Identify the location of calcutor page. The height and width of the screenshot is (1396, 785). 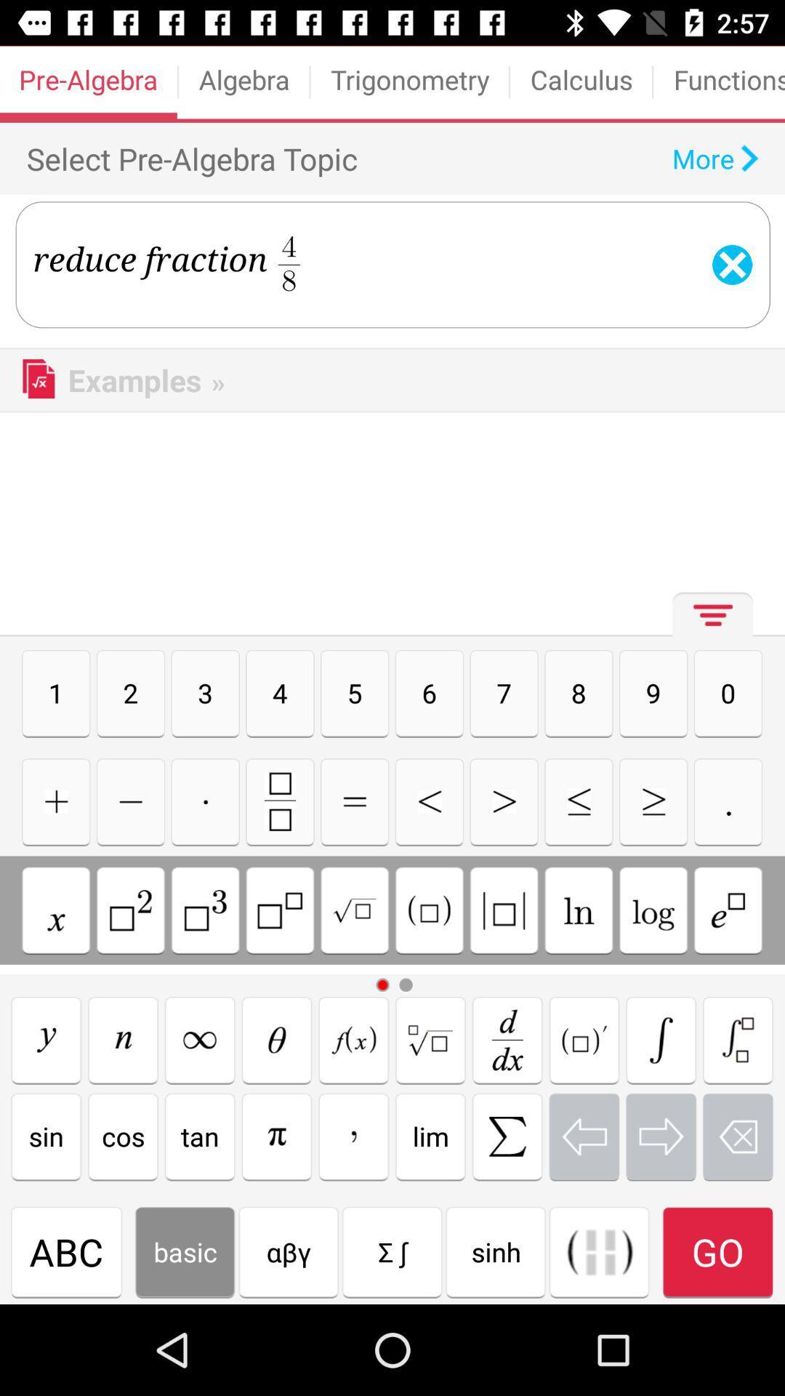
(578, 801).